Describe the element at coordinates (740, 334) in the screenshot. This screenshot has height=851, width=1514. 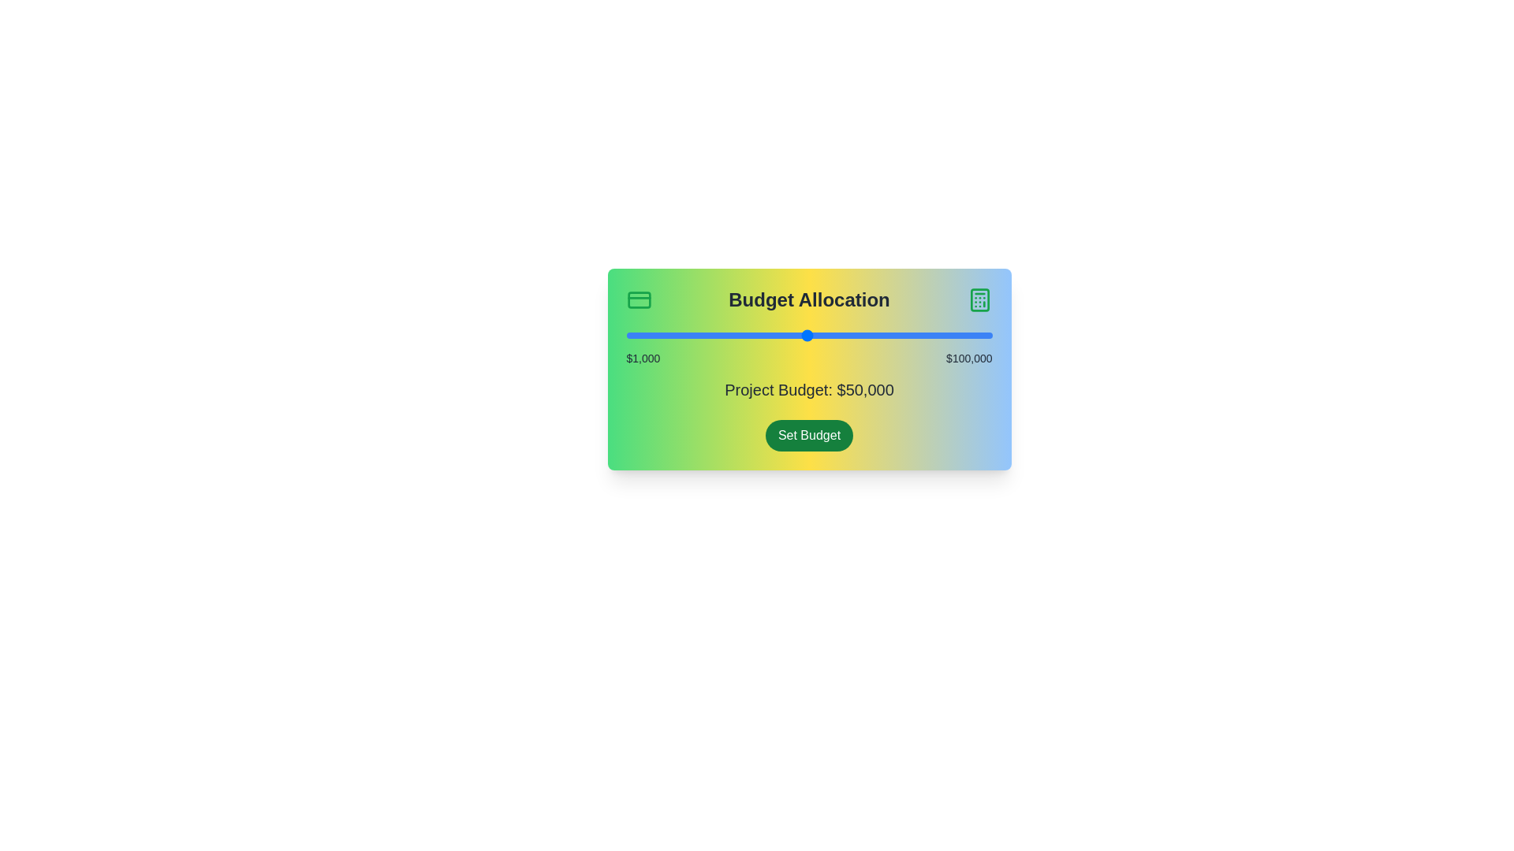
I see `the slider to set the budget to 32200` at that location.